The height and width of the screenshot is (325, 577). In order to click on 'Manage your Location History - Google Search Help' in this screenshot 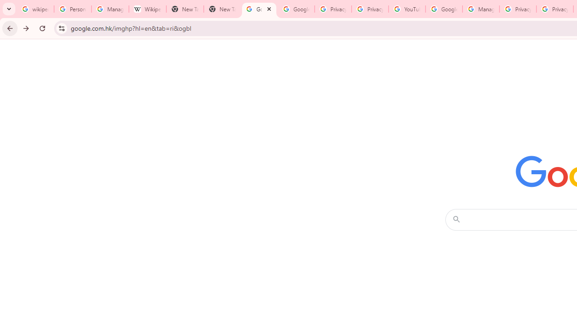, I will do `click(110, 9)`.